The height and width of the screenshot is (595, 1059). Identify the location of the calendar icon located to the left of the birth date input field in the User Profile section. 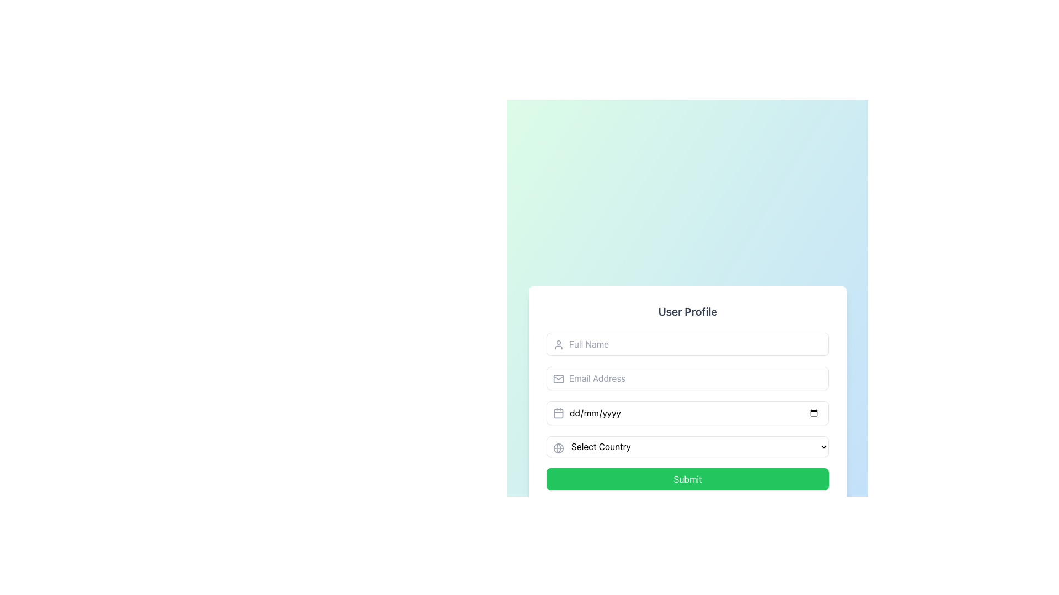
(558, 413).